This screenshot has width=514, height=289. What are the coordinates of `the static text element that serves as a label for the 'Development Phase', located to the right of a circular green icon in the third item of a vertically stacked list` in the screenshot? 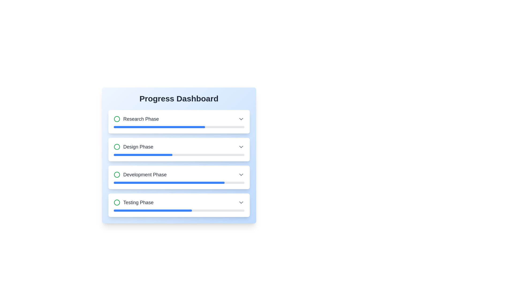 It's located at (145, 174).